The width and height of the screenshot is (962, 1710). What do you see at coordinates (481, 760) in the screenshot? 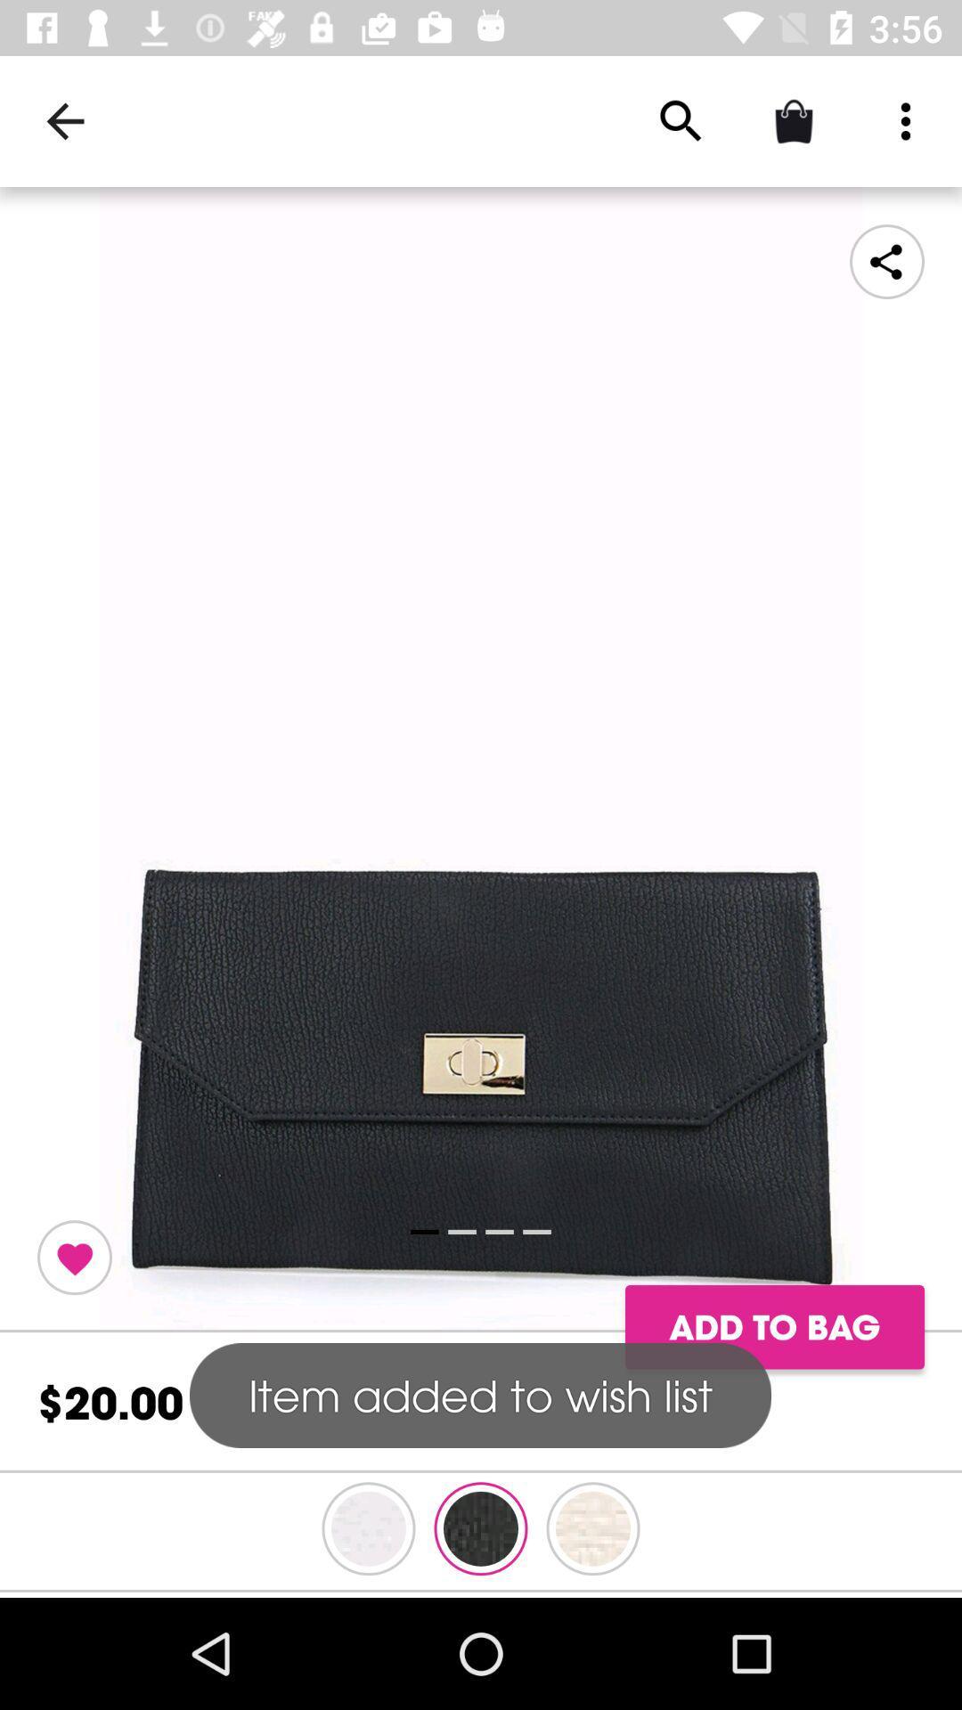
I see `share the article` at bounding box center [481, 760].